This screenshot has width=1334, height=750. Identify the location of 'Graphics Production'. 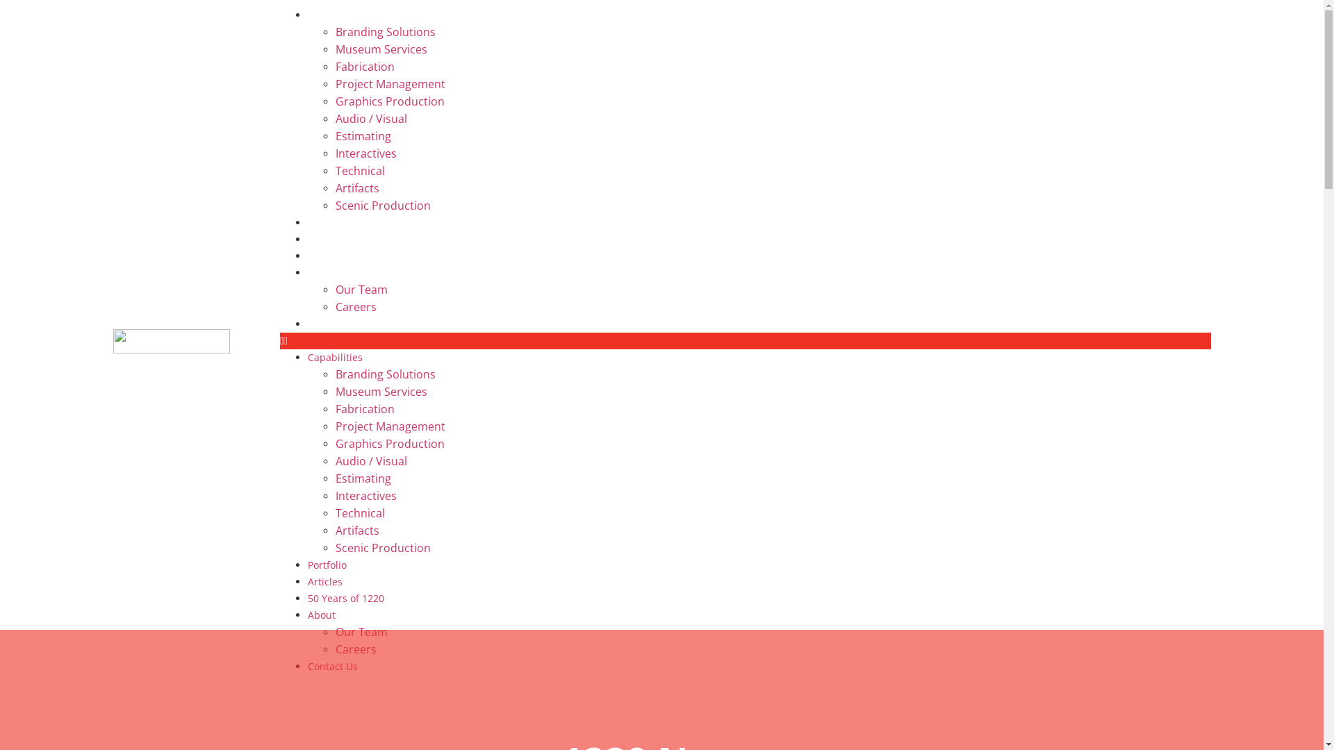
(334, 101).